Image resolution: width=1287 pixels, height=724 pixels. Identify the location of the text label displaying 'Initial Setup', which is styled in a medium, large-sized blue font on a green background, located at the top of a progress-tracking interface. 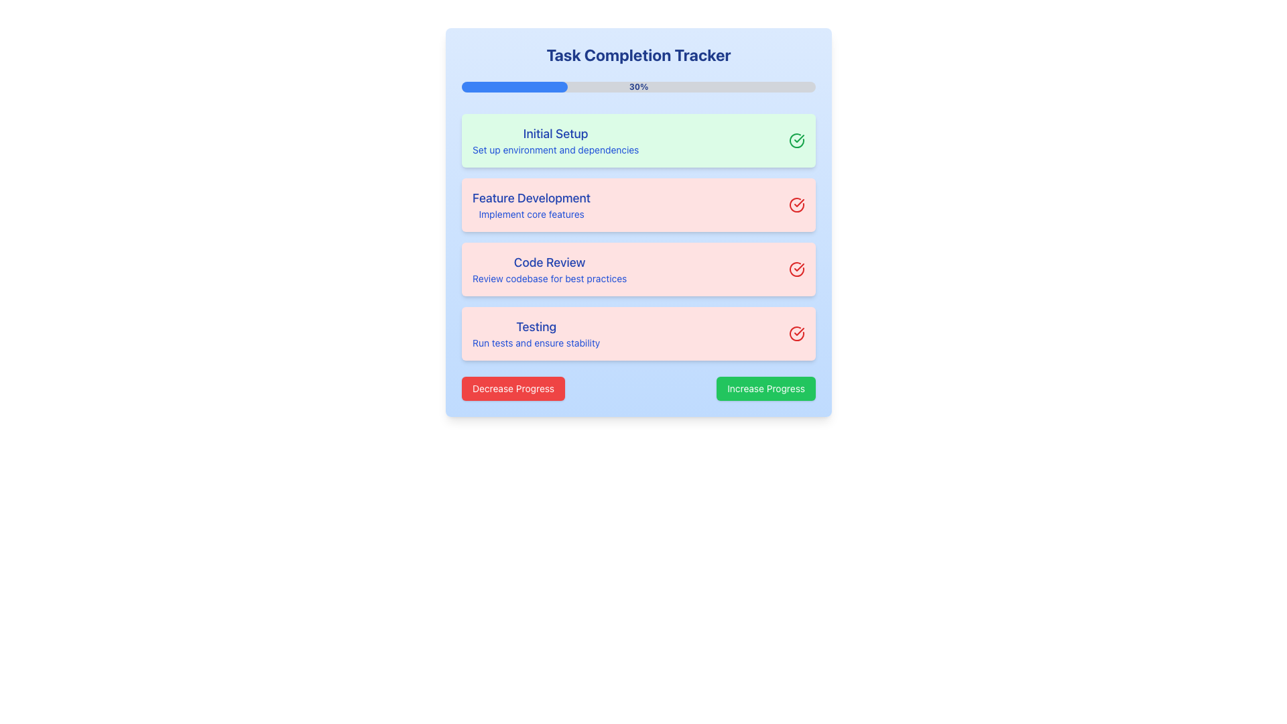
(556, 134).